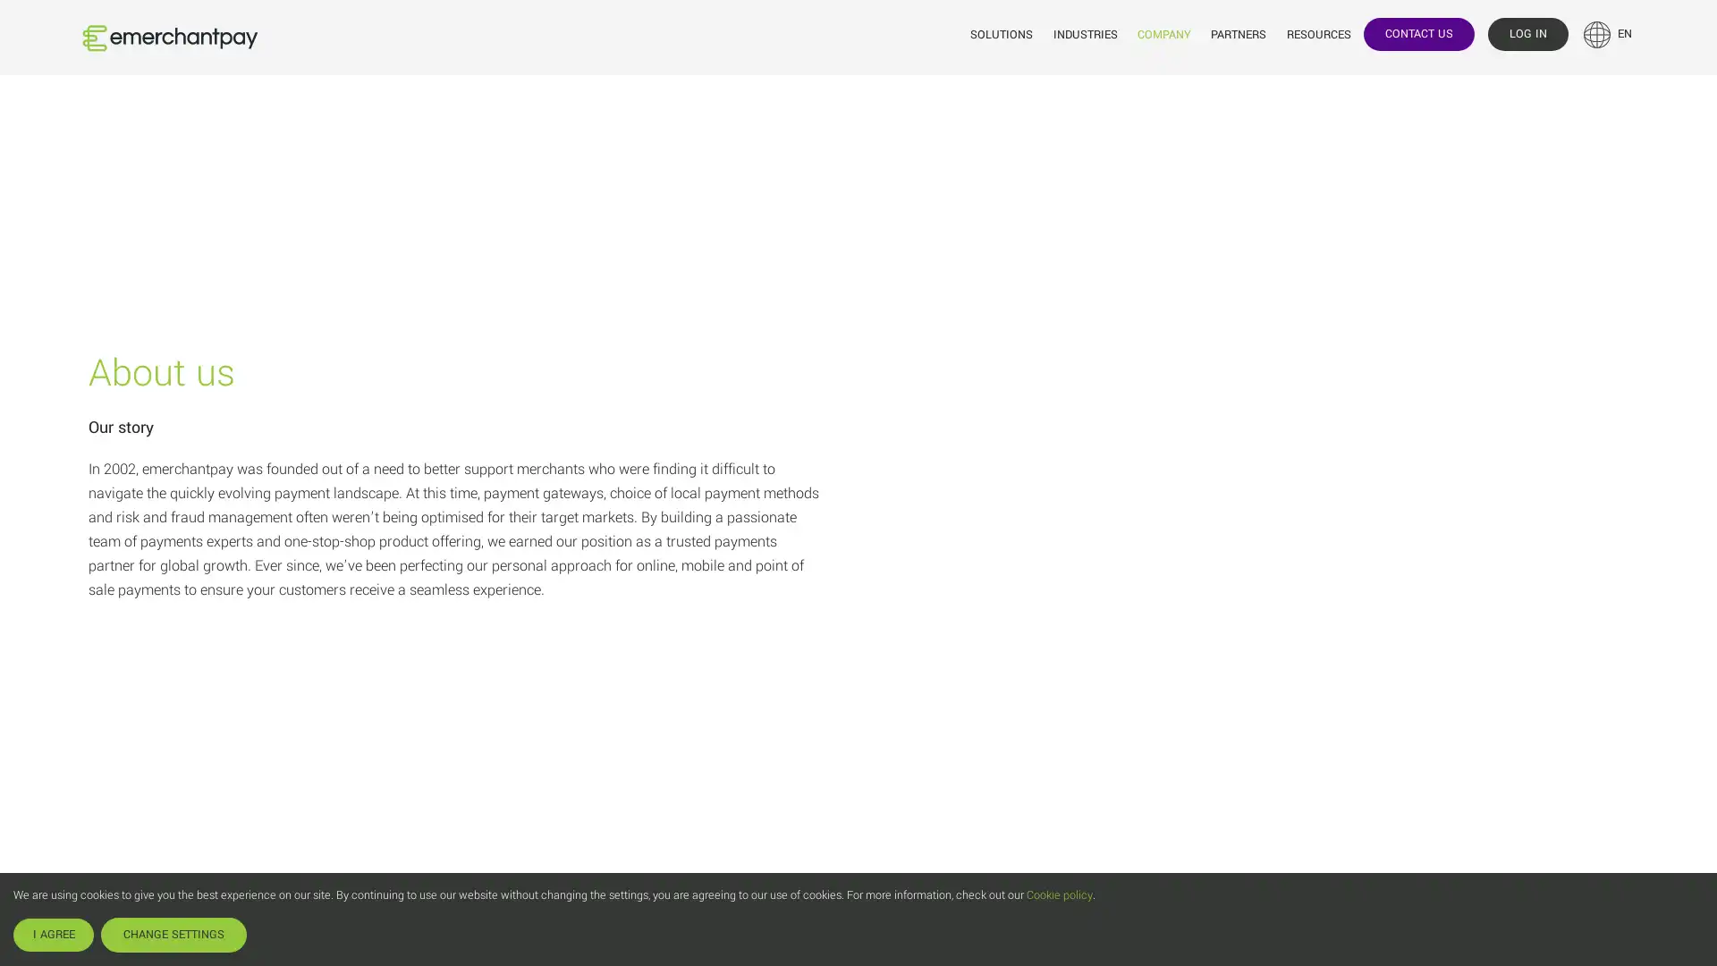  I want to click on LOG IN, so click(1527, 33).